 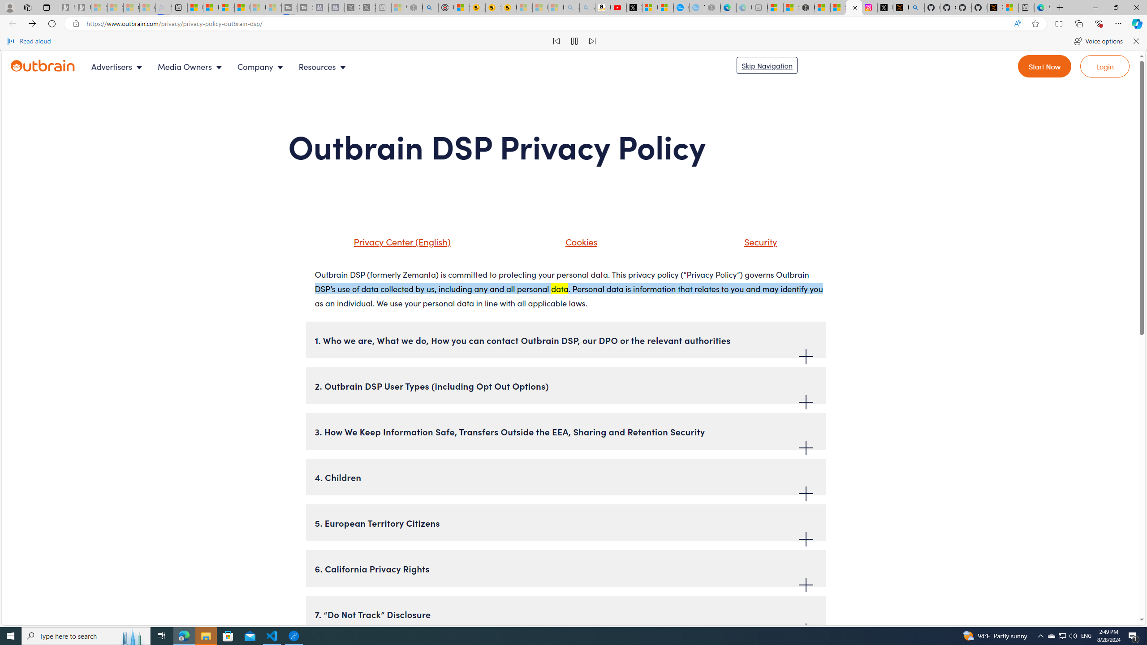 What do you see at coordinates (82, 7) in the screenshot?
I see `'Newsletter Sign Up - Sleeping'` at bounding box center [82, 7].